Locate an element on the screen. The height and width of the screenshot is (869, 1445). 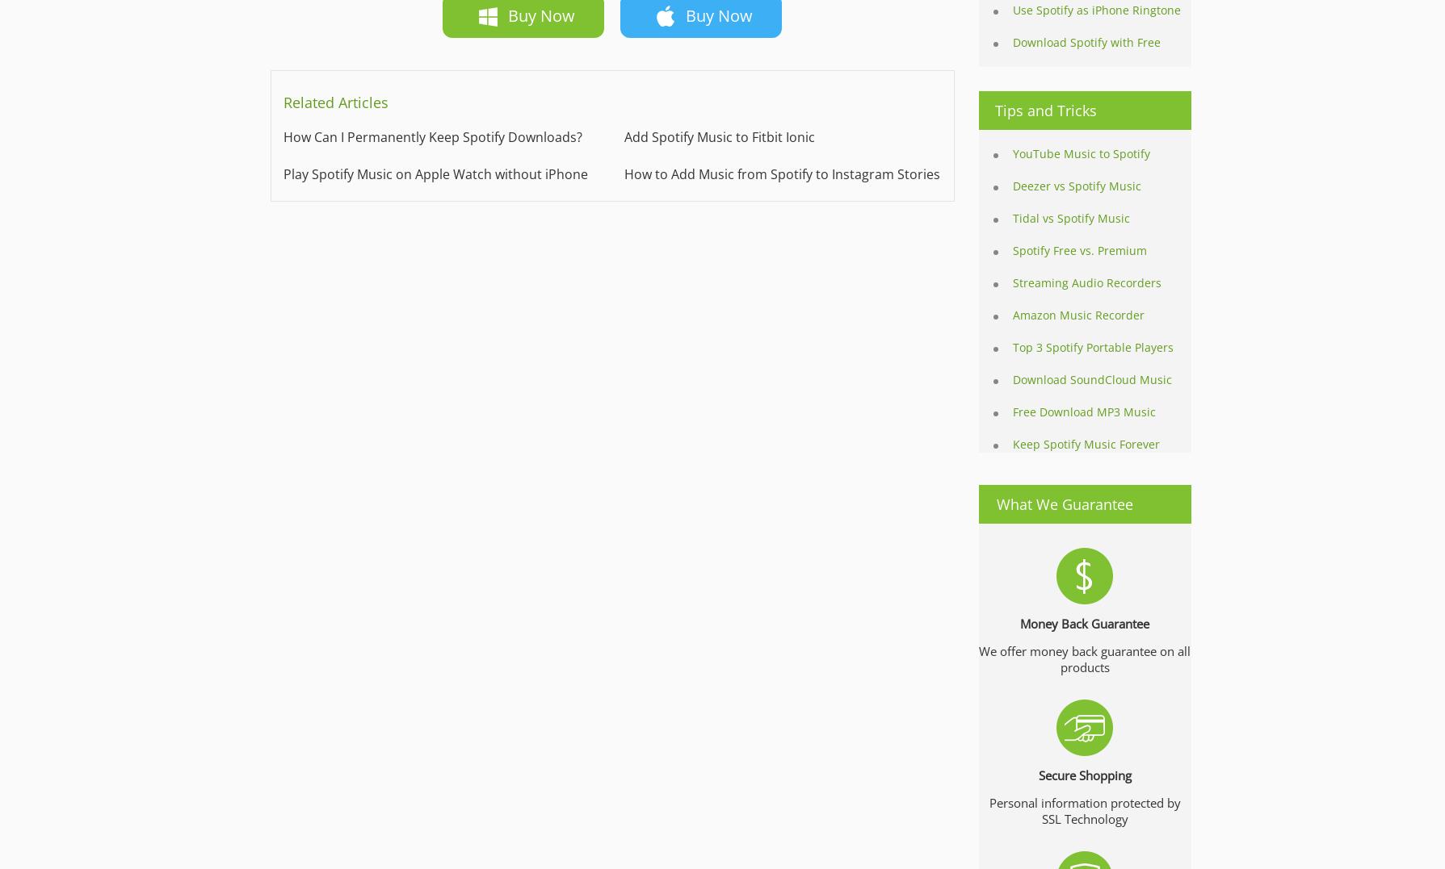
'Money Back Guarantee' is located at coordinates (1085, 622).